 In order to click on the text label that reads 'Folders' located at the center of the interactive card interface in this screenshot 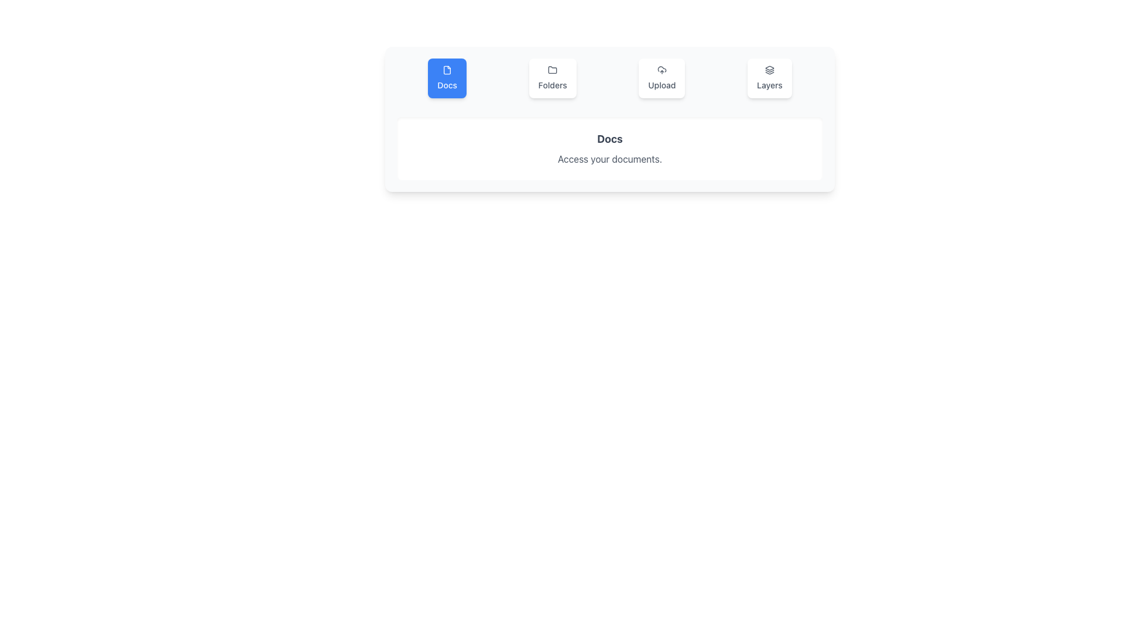, I will do `click(552, 85)`.